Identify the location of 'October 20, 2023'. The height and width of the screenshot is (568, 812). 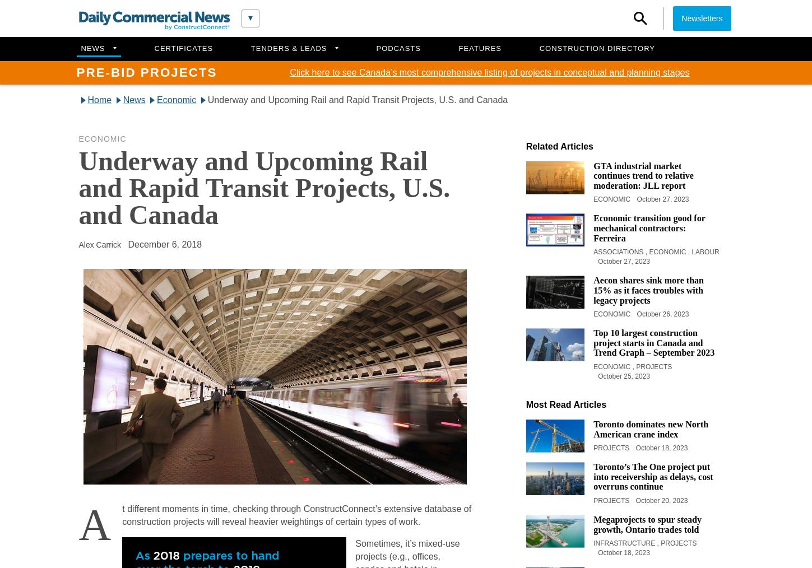
(661, 500).